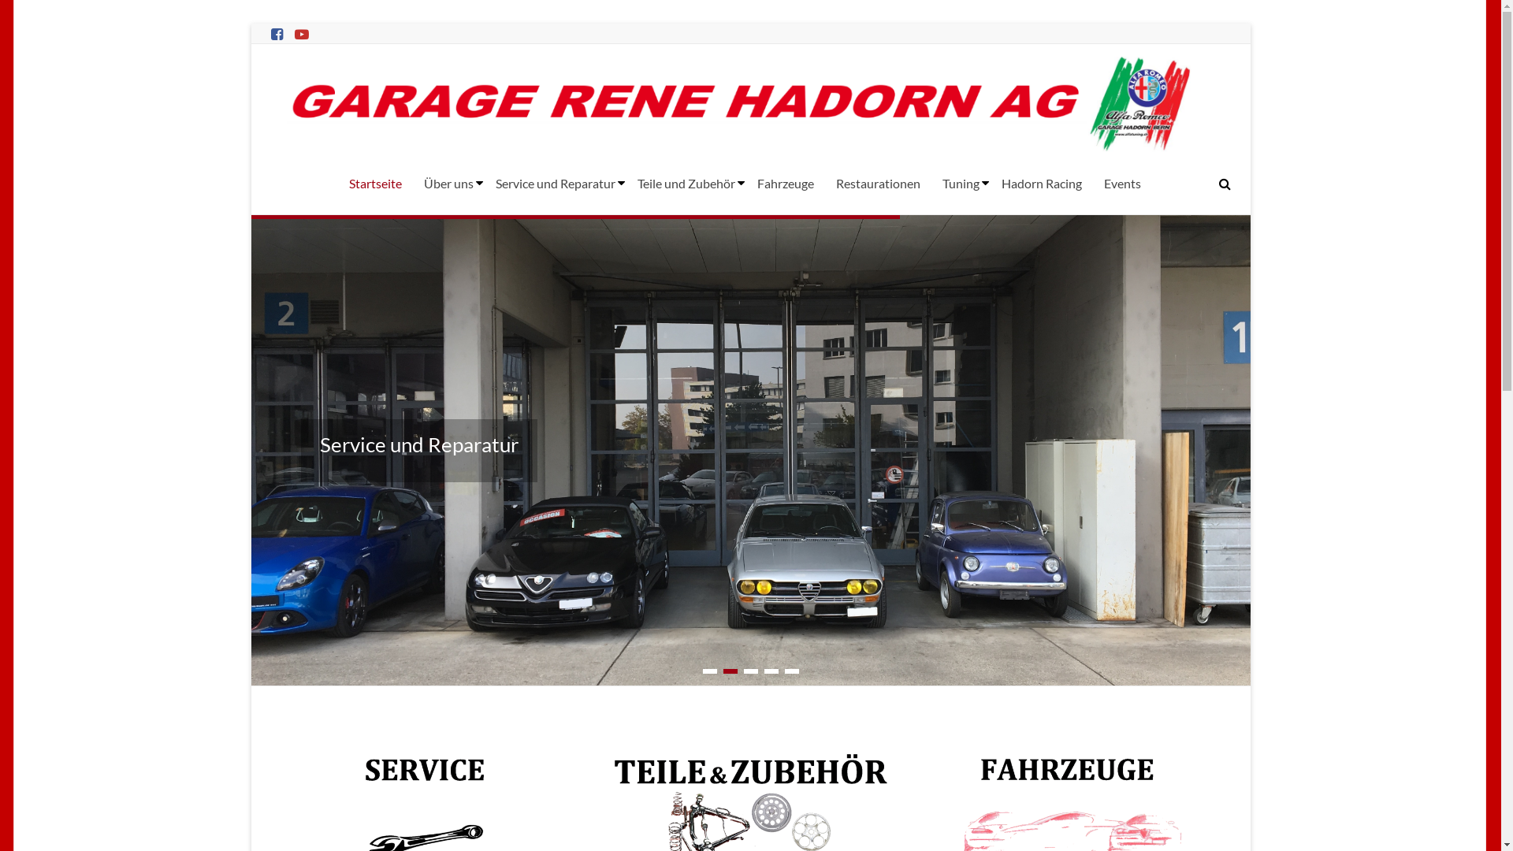  What do you see at coordinates (250, 23) in the screenshot?
I see `'Skip to content'` at bounding box center [250, 23].